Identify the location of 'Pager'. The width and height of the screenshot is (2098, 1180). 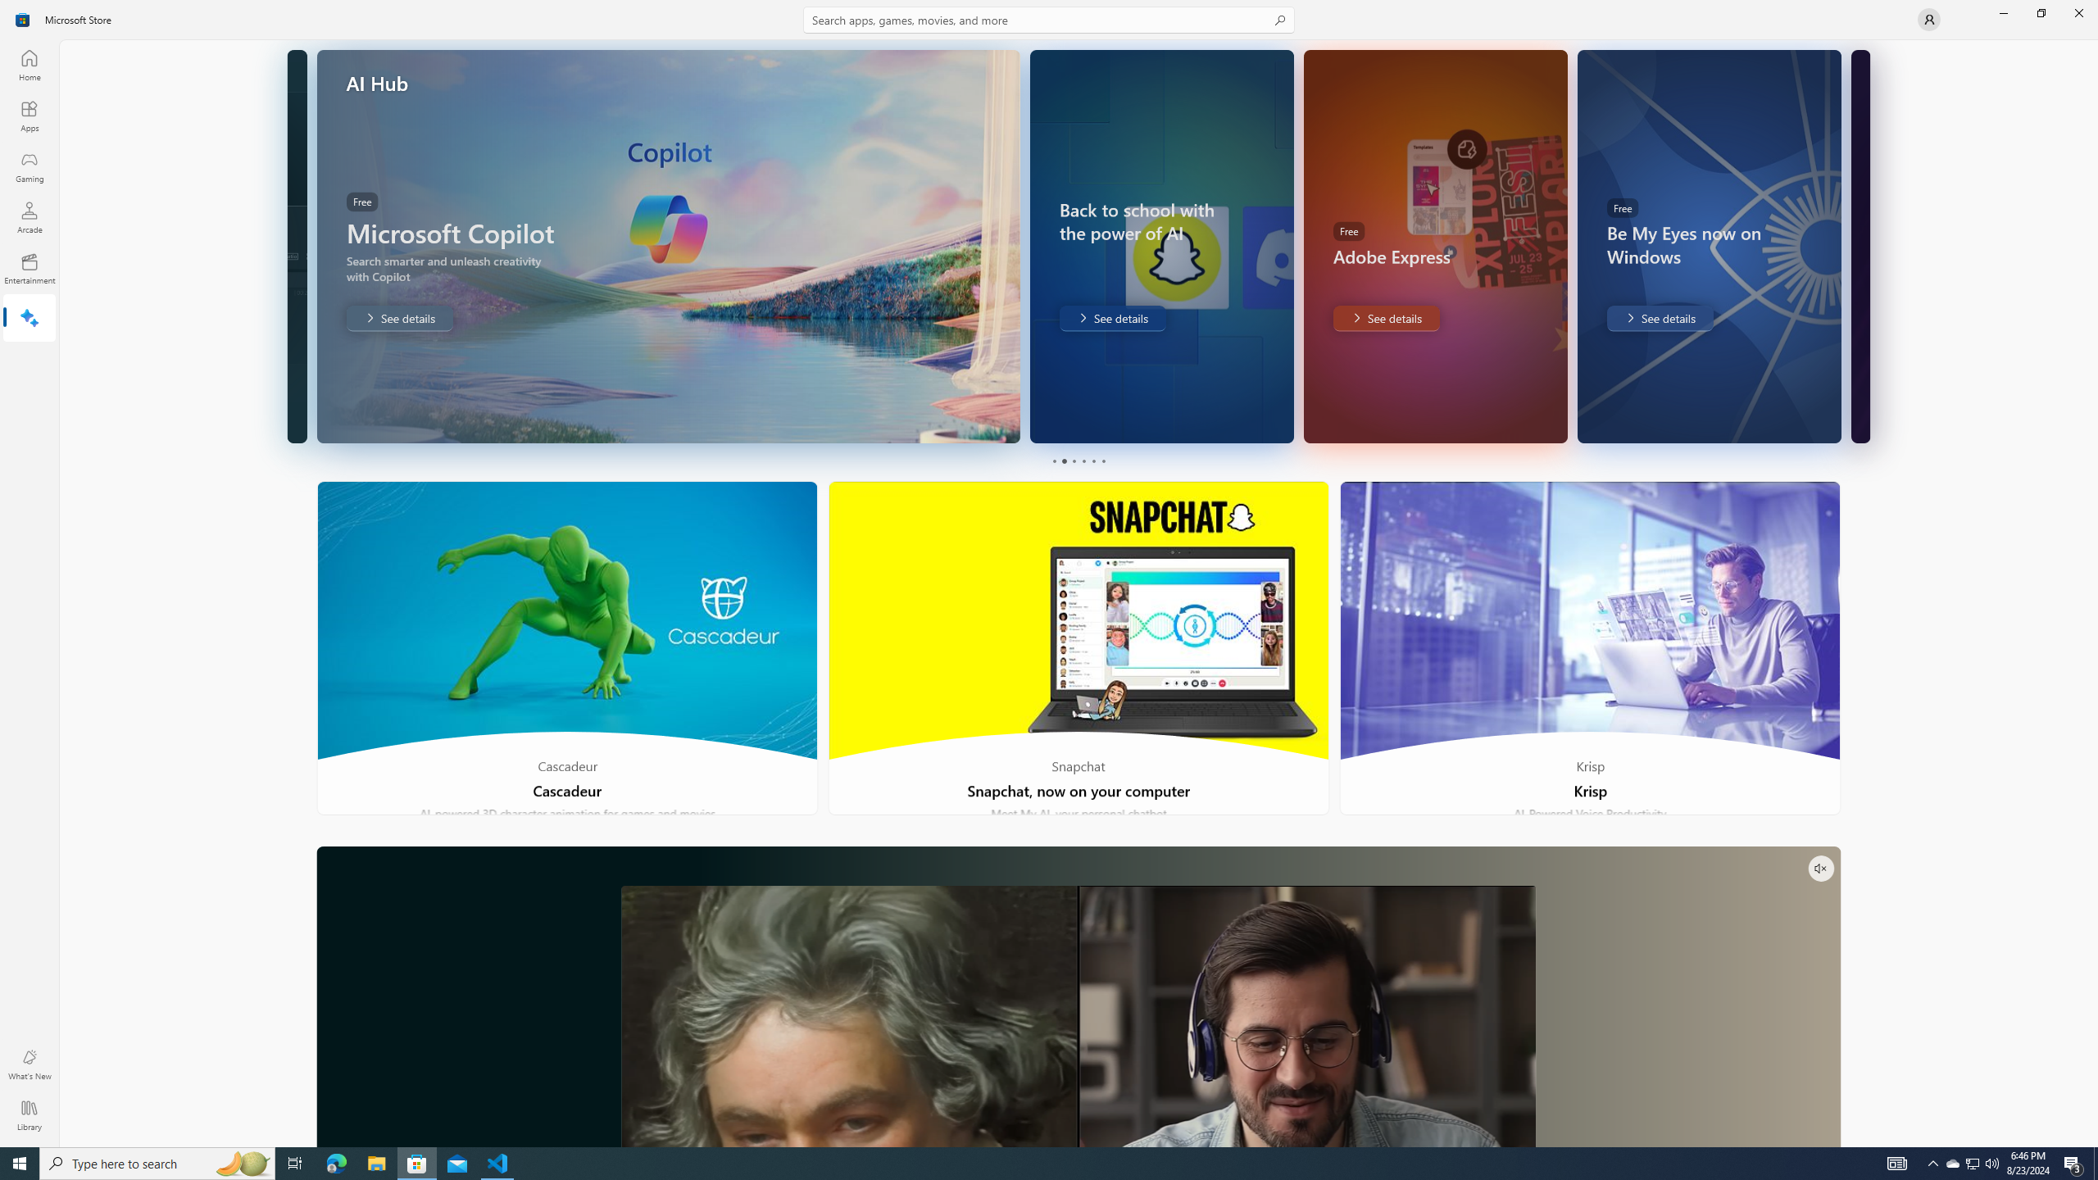
(1077, 461).